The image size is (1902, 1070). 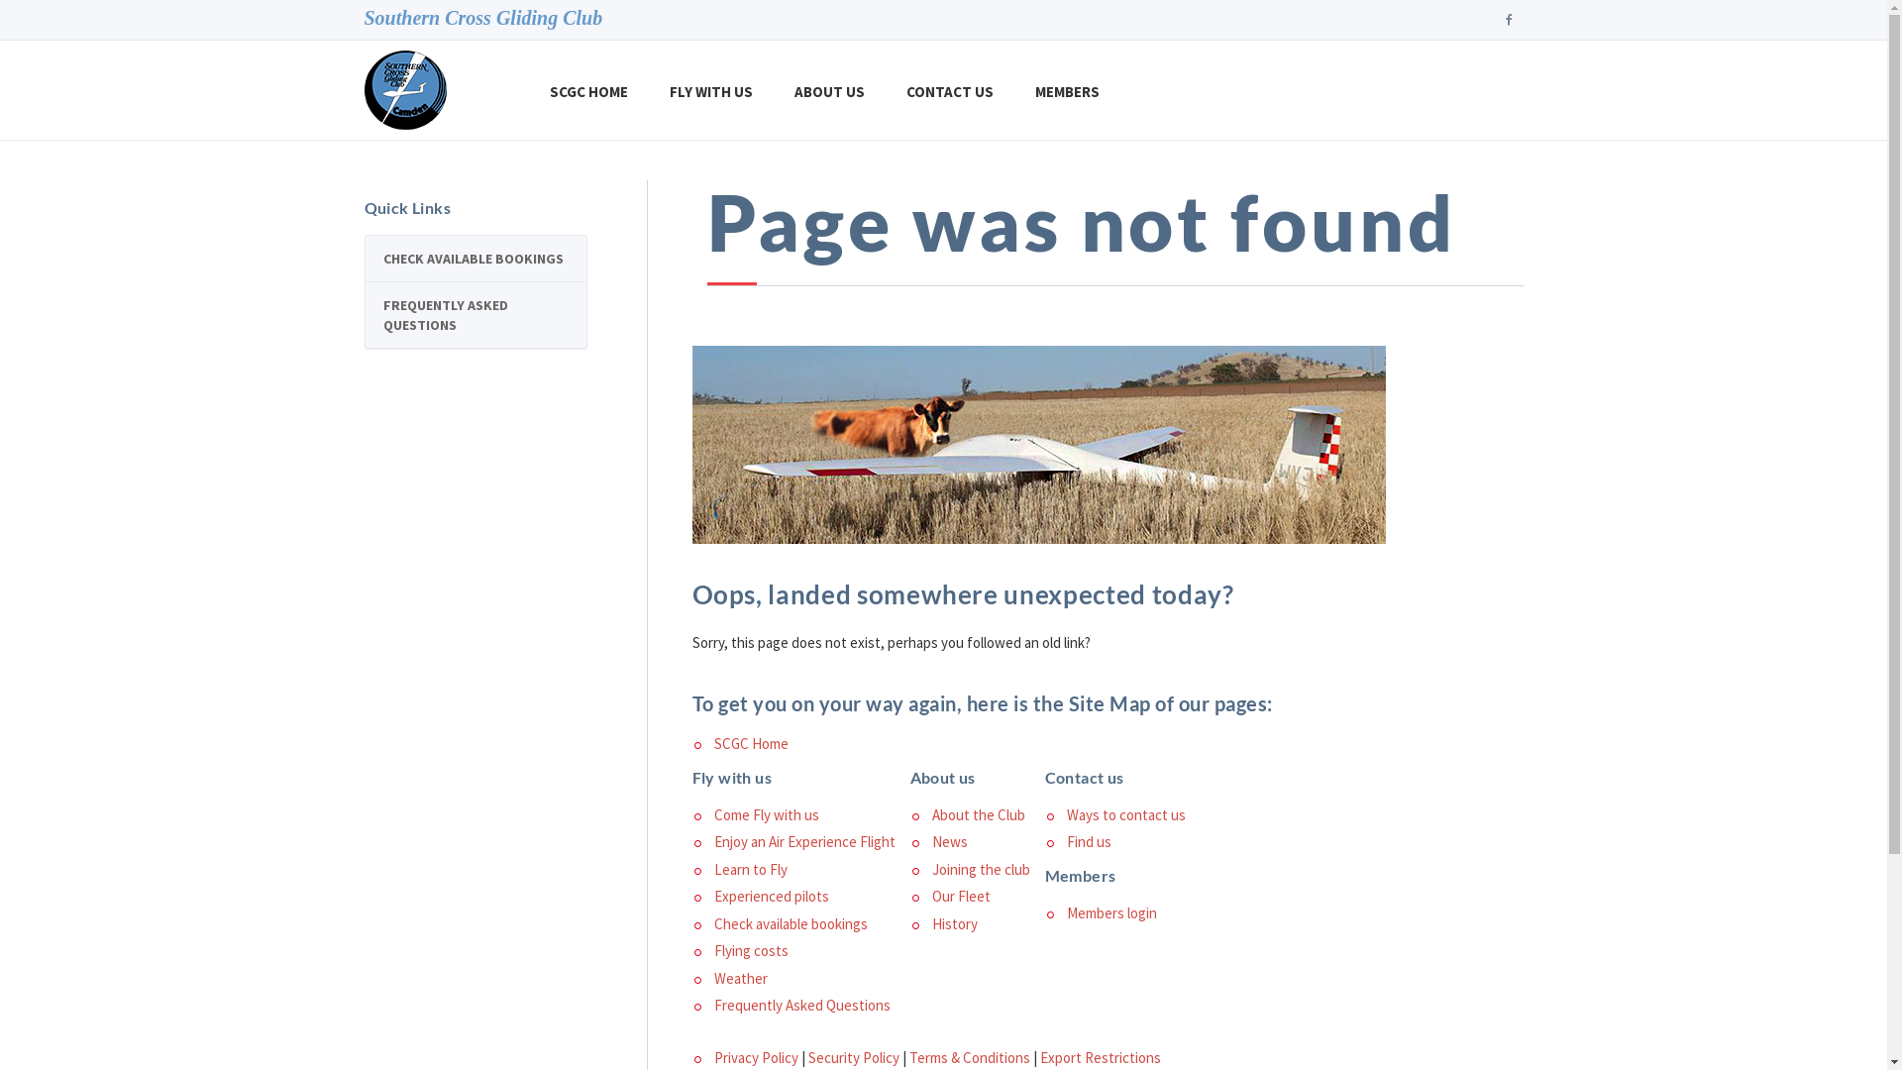 What do you see at coordinates (948, 841) in the screenshot?
I see `'News'` at bounding box center [948, 841].